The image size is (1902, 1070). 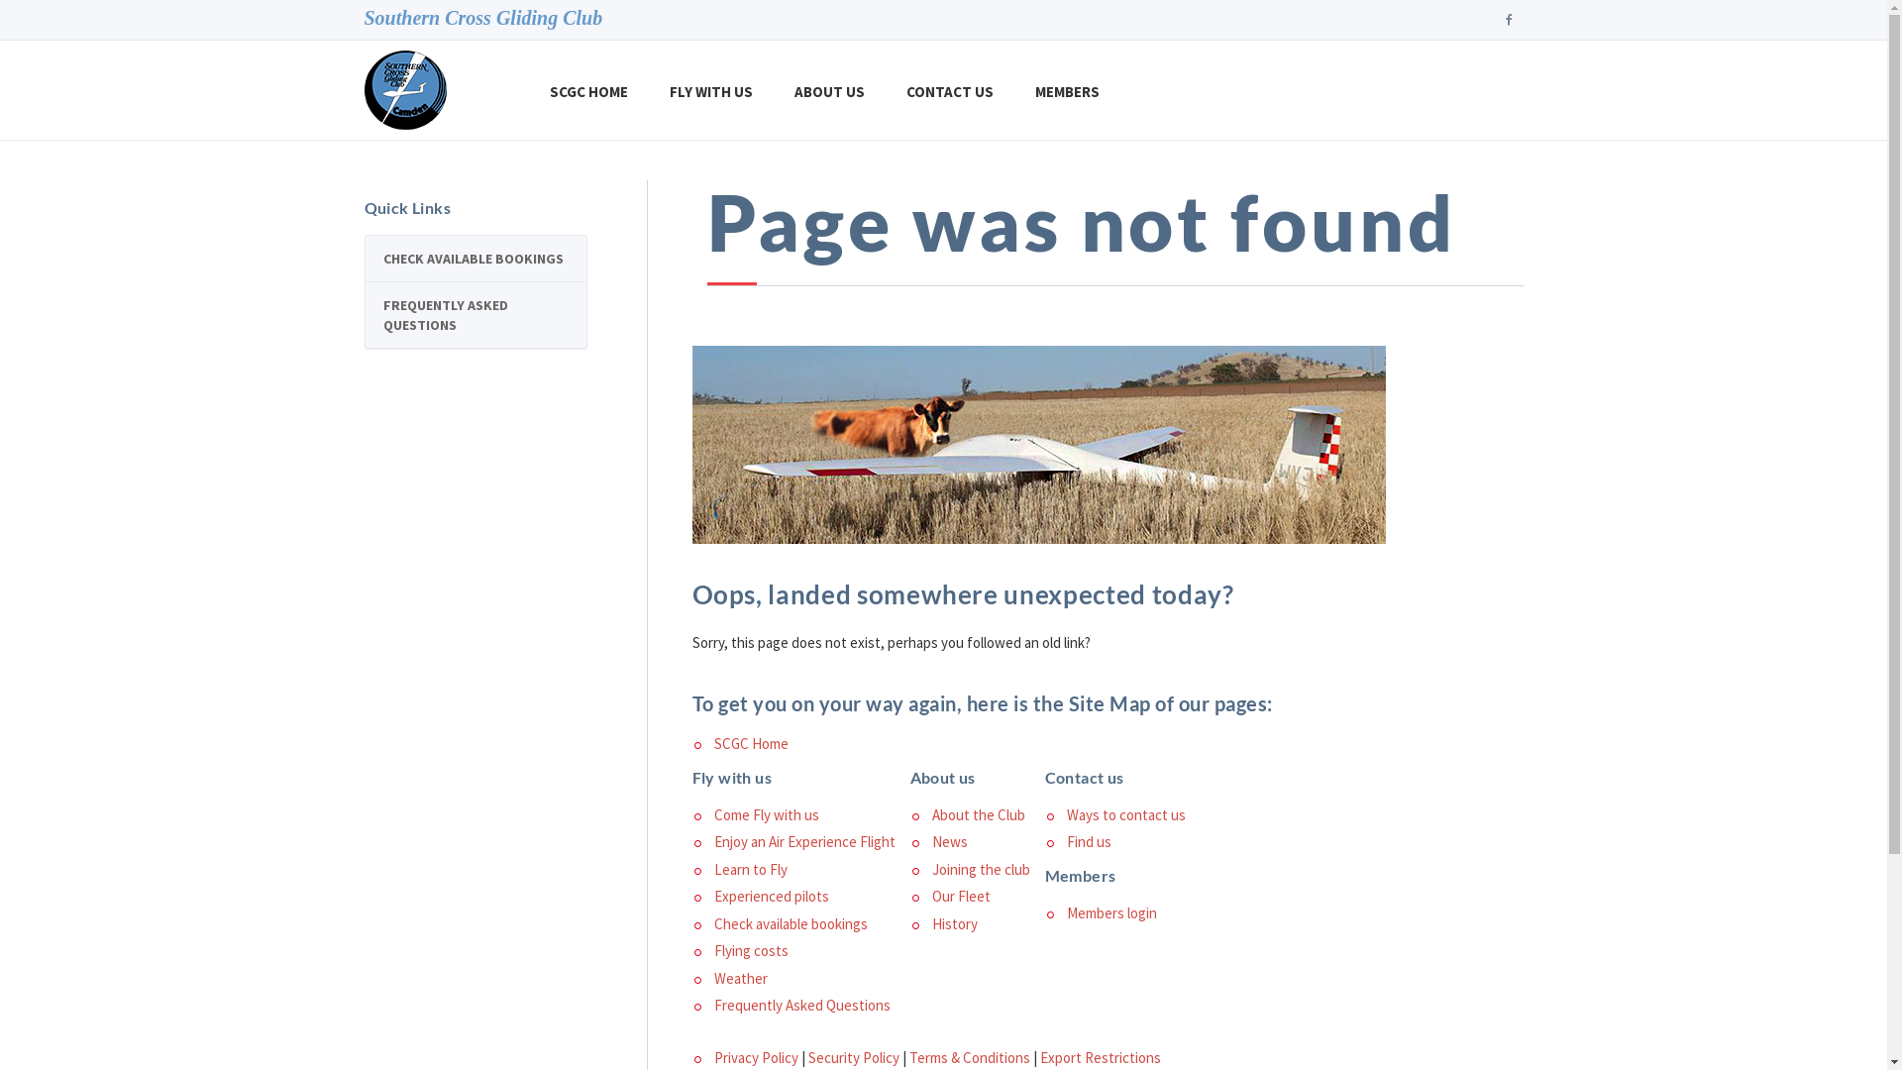 What do you see at coordinates (948, 841) in the screenshot?
I see `'News'` at bounding box center [948, 841].